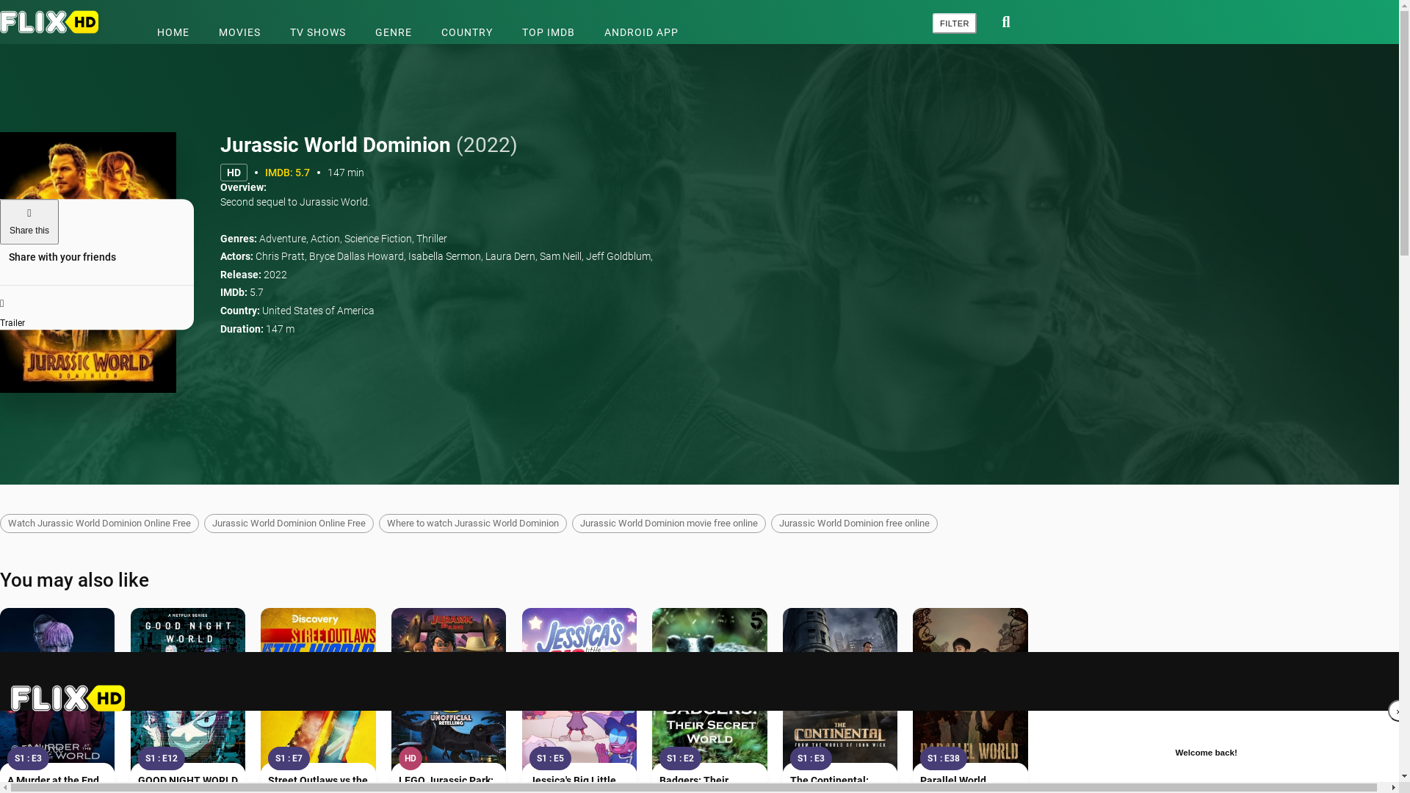 The width and height of the screenshot is (1410, 793). Describe the element at coordinates (585, 255) in the screenshot. I see `'Jeff Goldblum'` at that location.